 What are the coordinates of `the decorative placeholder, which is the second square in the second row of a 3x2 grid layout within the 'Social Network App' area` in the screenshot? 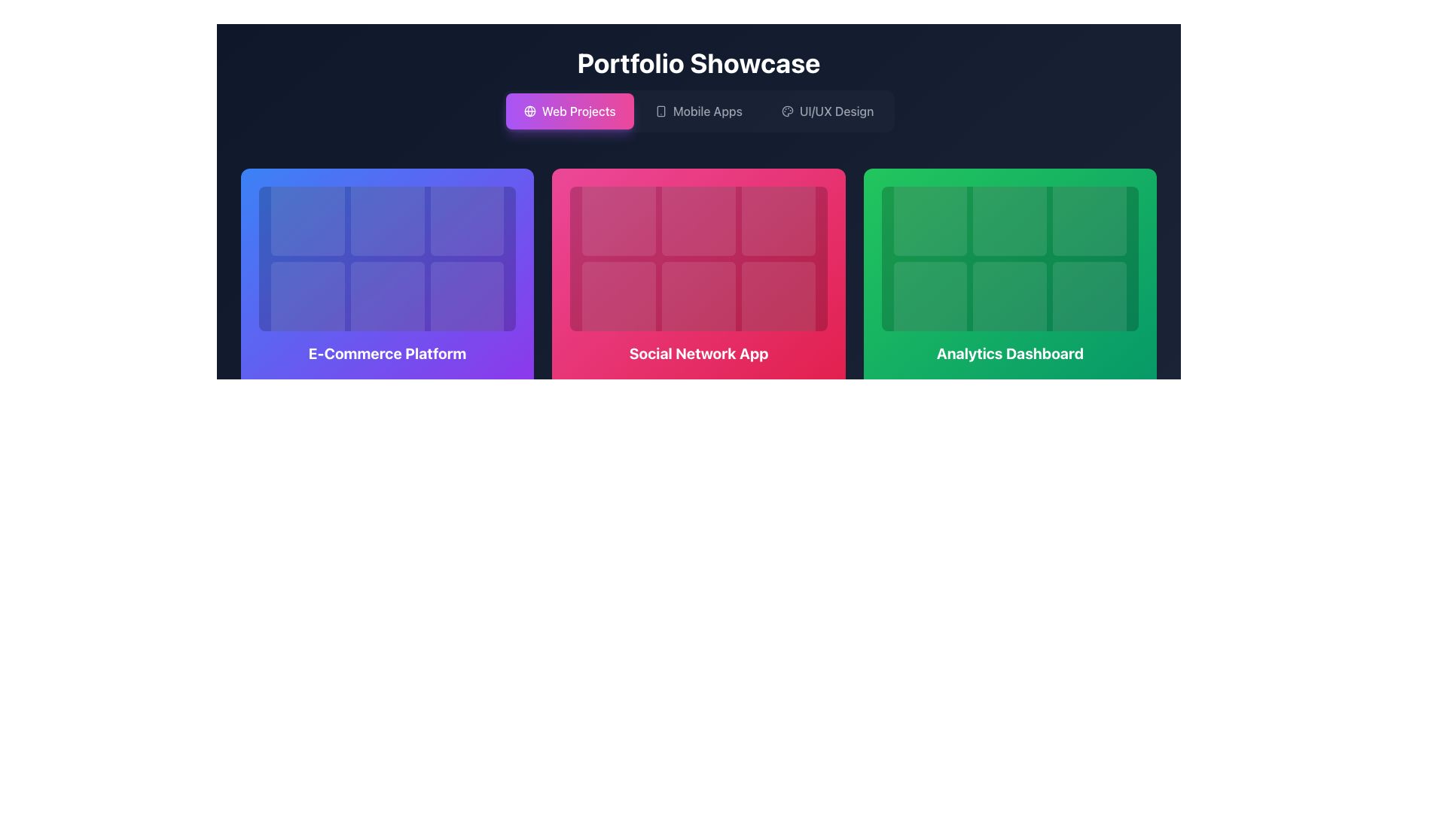 It's located at (697, 298).